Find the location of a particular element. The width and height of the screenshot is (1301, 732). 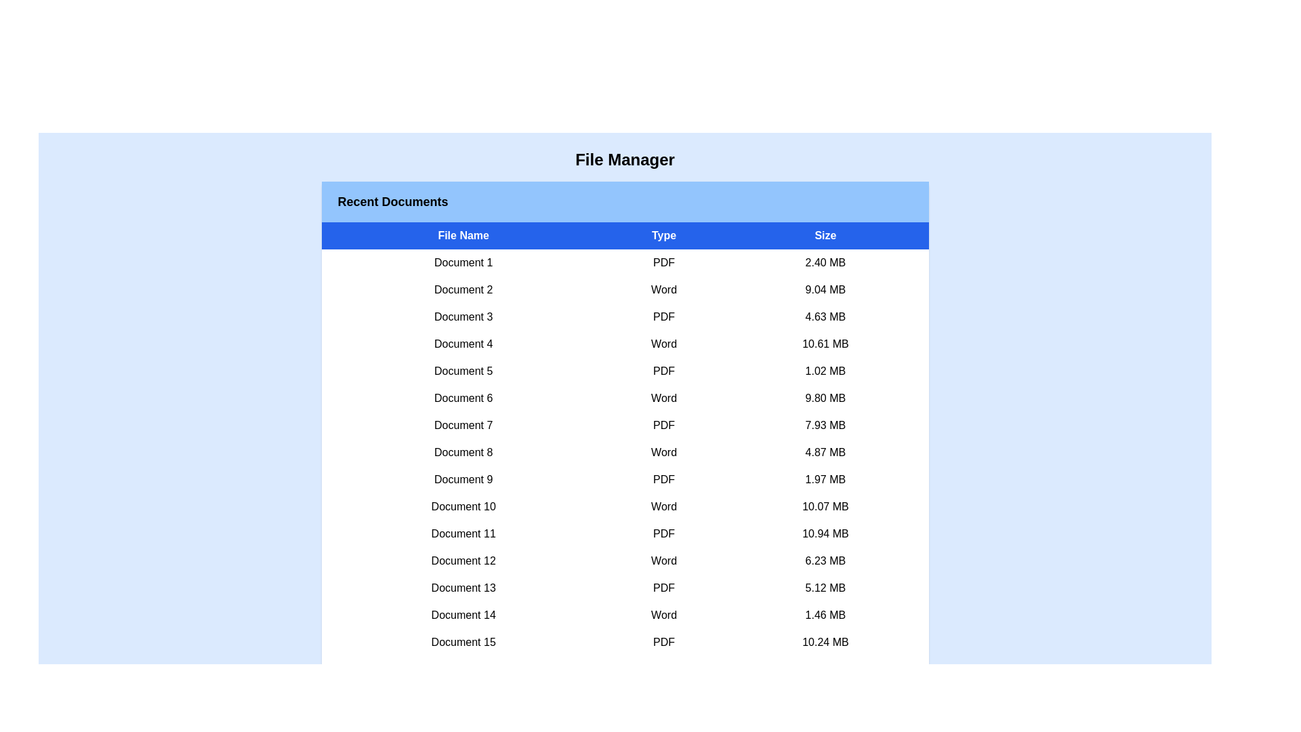

the header of the component to focus on its details is located at coordinates (624, 201).